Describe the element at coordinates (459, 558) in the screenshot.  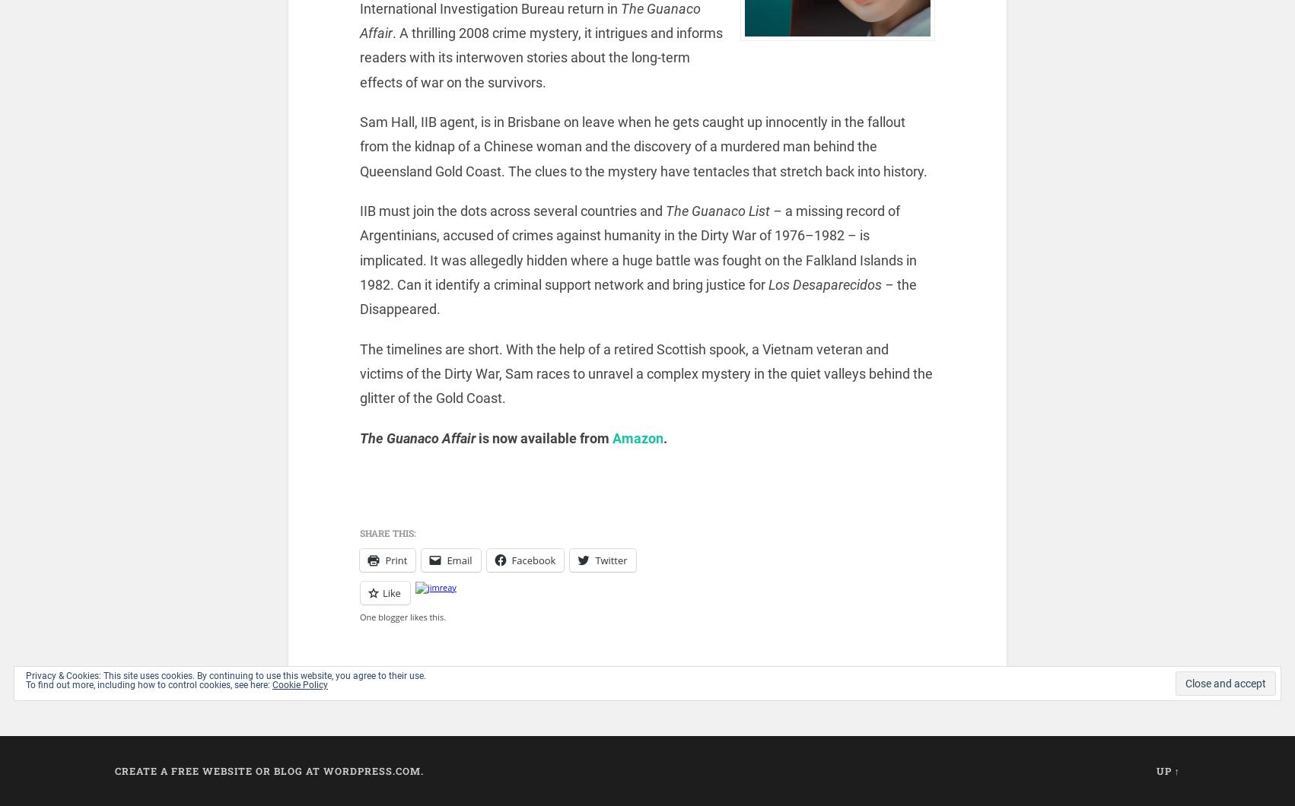
I see `'Email'` at that location.